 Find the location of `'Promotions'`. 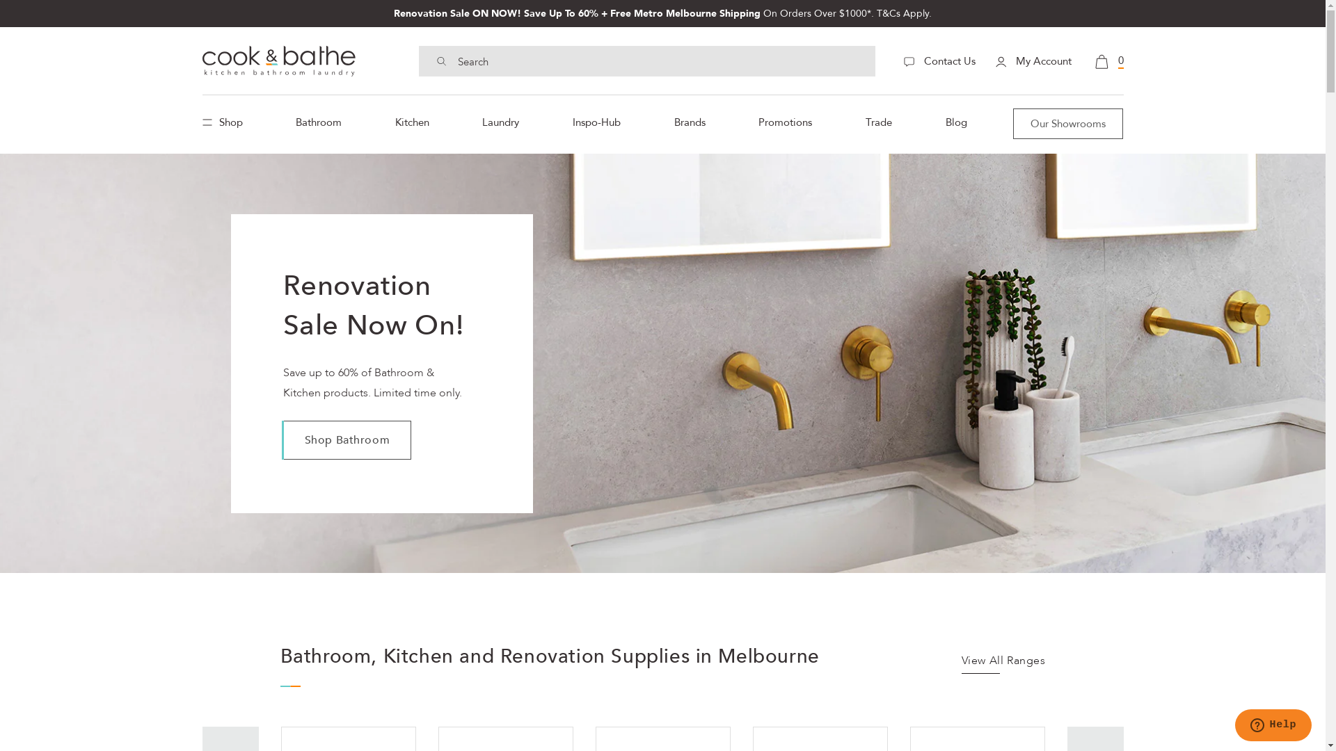

'Promotions' is located at coordinates (785, 122).